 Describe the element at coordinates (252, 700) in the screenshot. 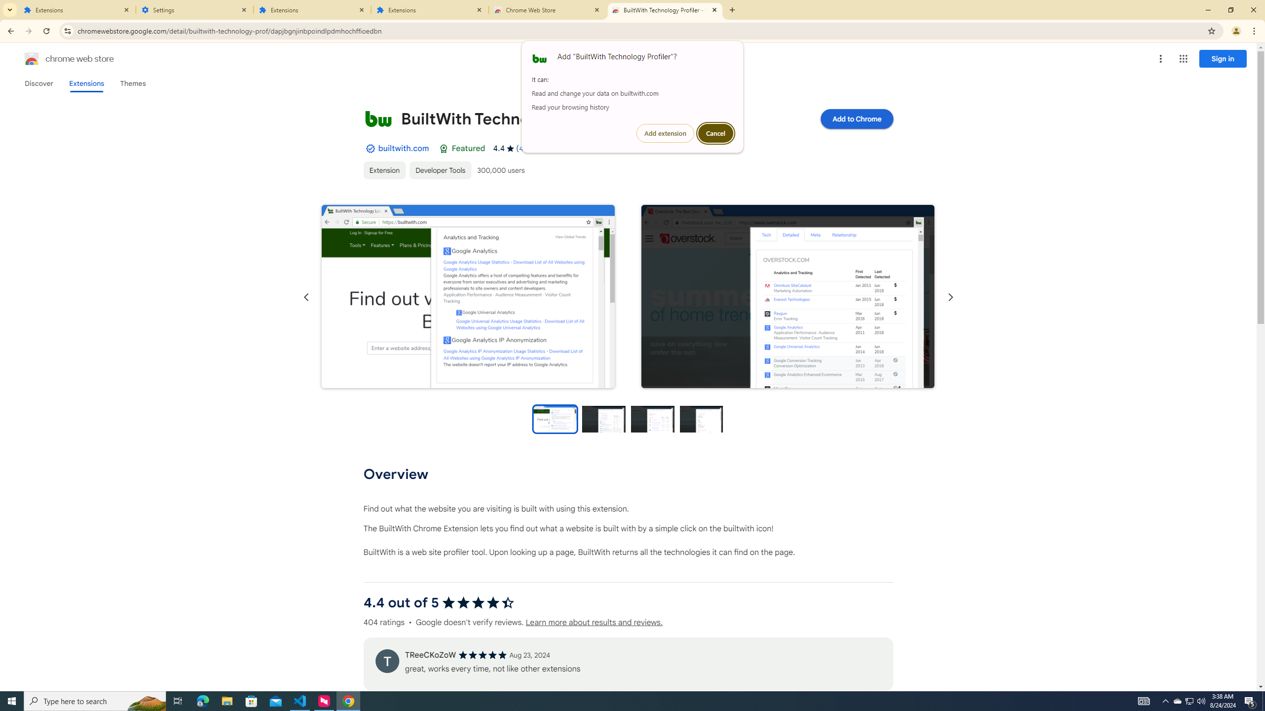

I see `'Microsoft Store'` at that location.